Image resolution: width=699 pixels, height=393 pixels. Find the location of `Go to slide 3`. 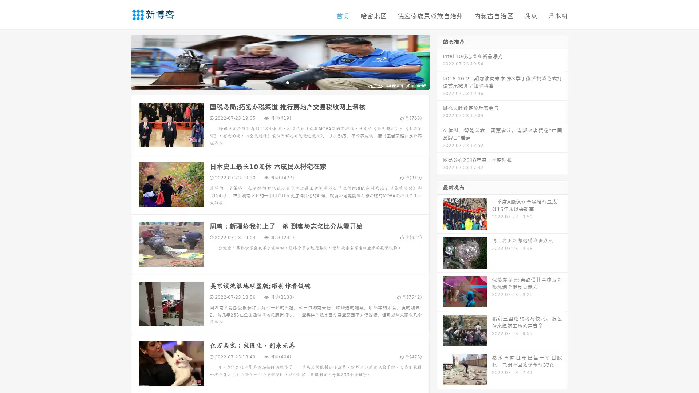

Go to slide 3 is located at coordinates (287, 82).